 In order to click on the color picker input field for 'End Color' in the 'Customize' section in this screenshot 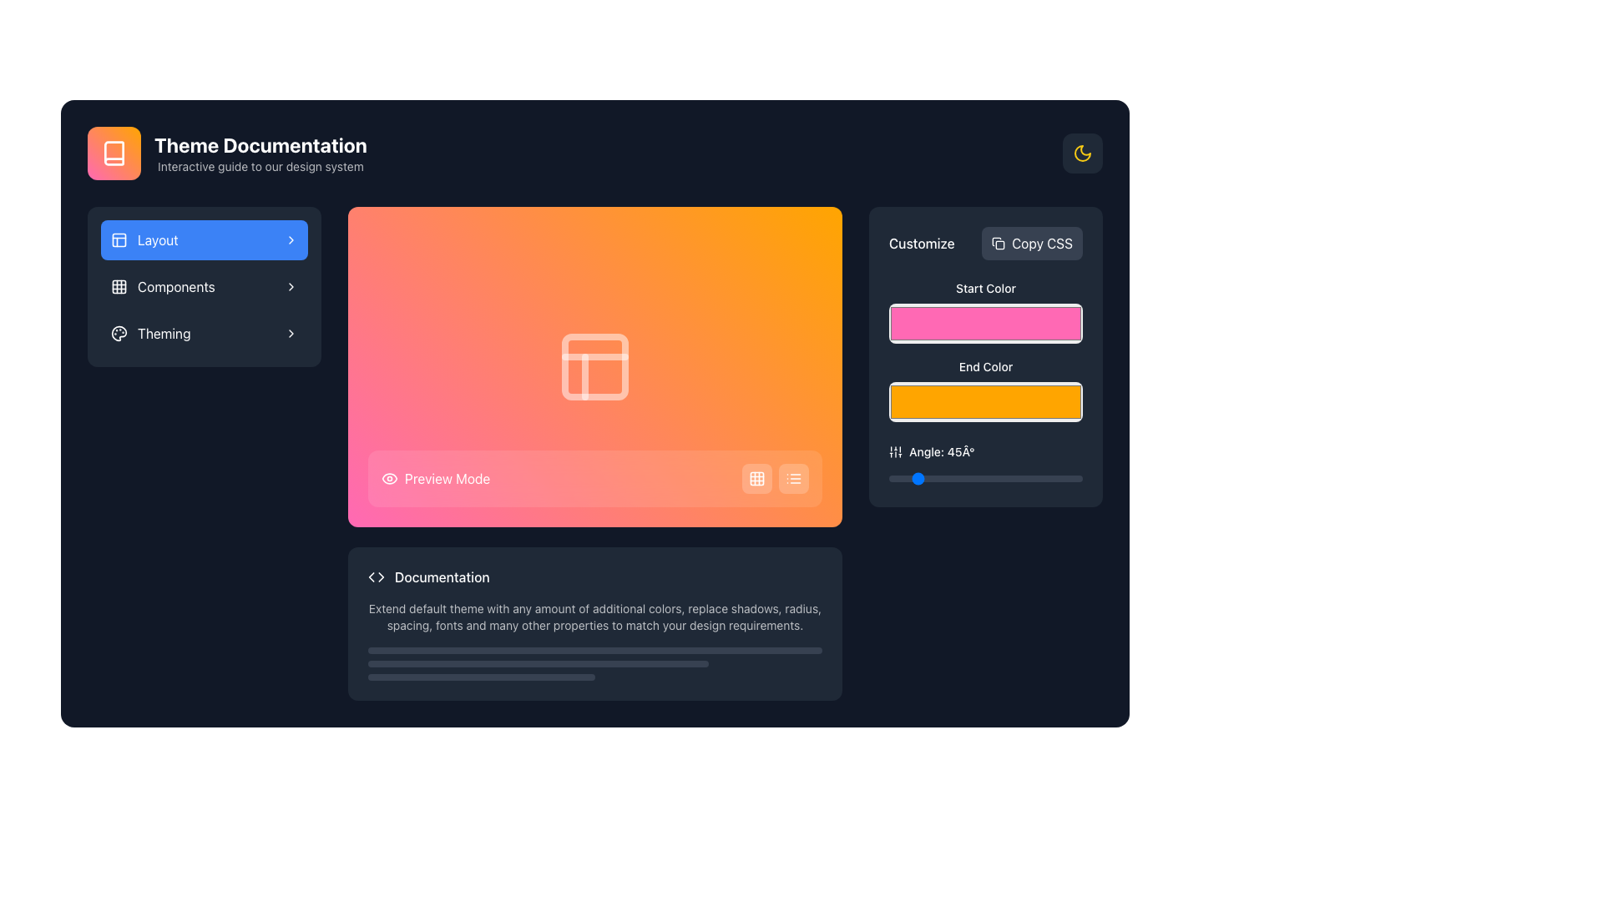, I will do `click(985, 402)`.